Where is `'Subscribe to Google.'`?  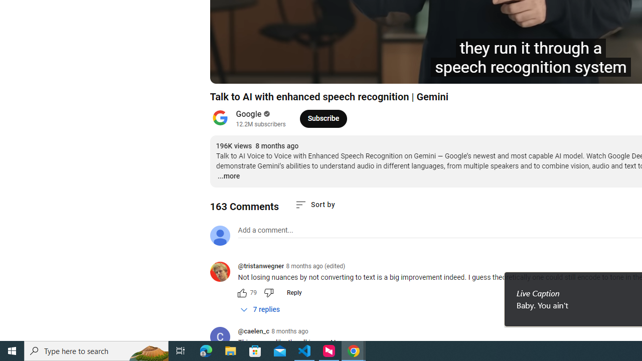
'Subscribe to Google.' is located at coordinates (323, 118).